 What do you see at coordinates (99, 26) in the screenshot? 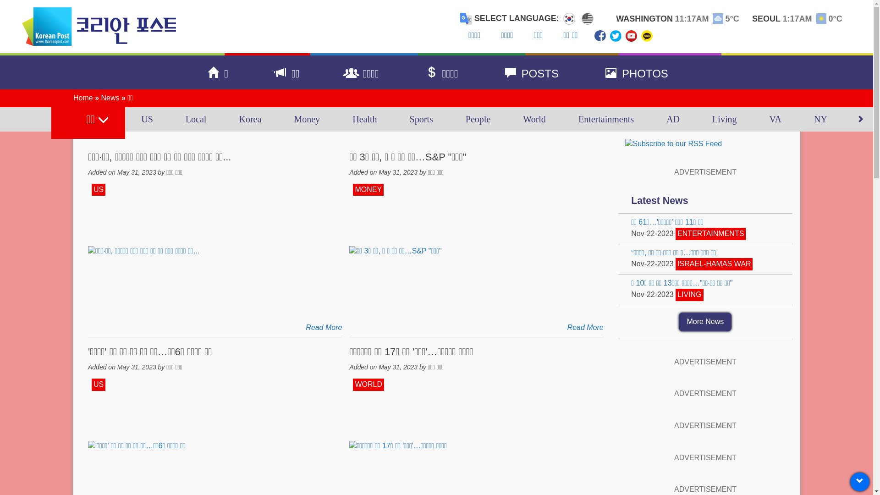
I see `'The Korean Post'` at bounding box center [99, 26].